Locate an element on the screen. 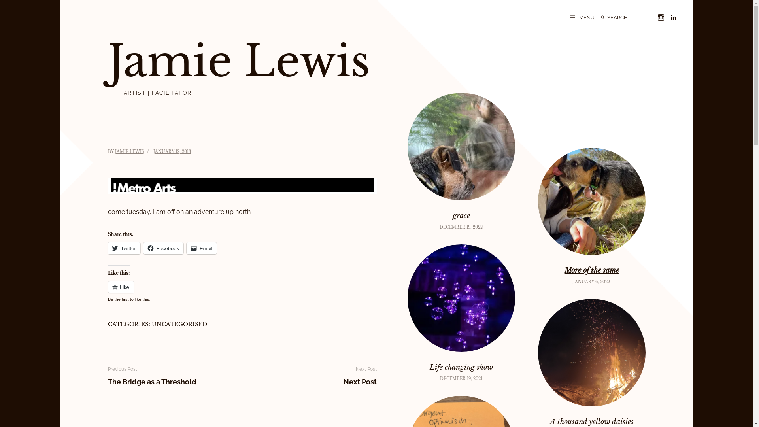 Image resolution: width=759 pixels, height=427 pixels. 'Facebook' is located at coordinates (163, 248).